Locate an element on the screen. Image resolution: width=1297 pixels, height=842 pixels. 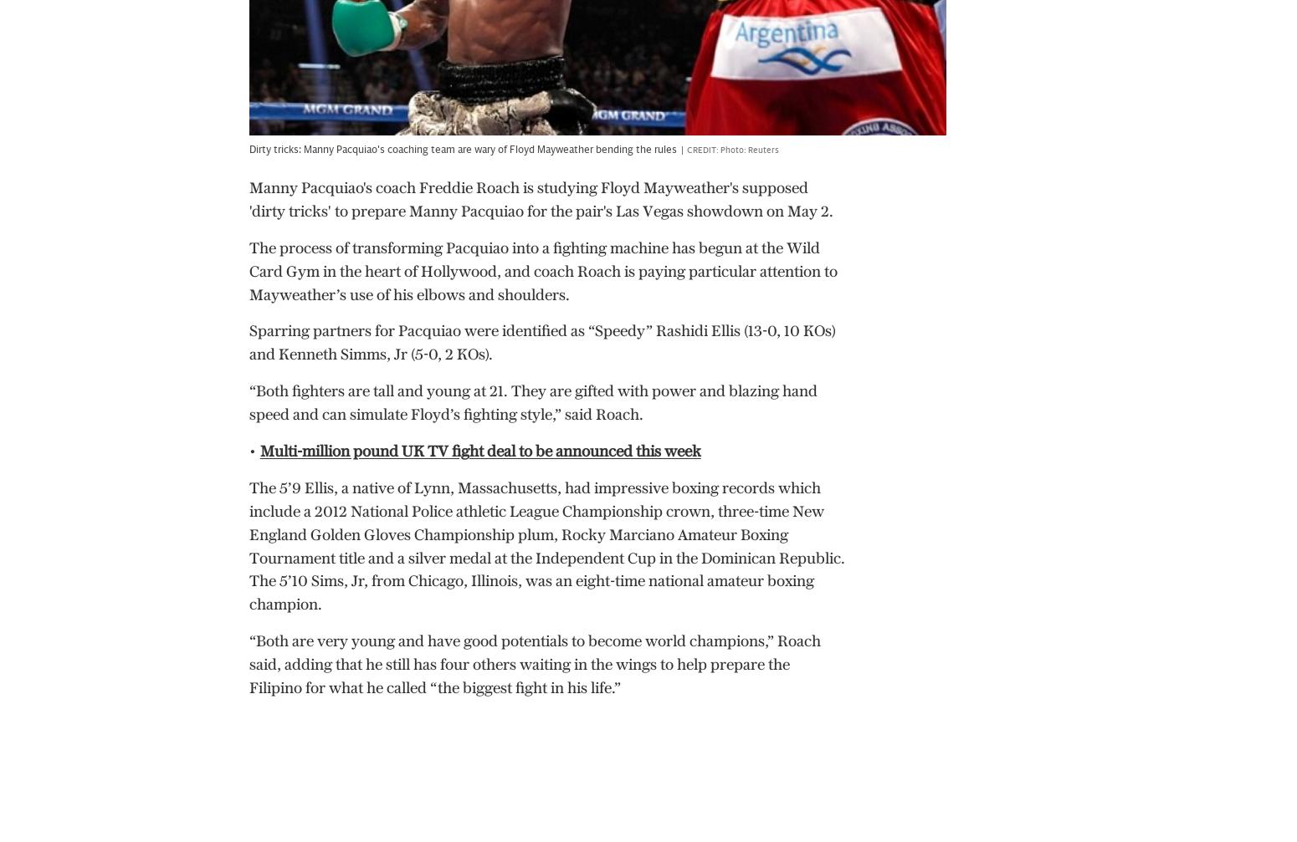
'WTA Finals 2023: Latest results, today’s matches, how to watch on TV and prize money' is located at coordinates (747, 537).